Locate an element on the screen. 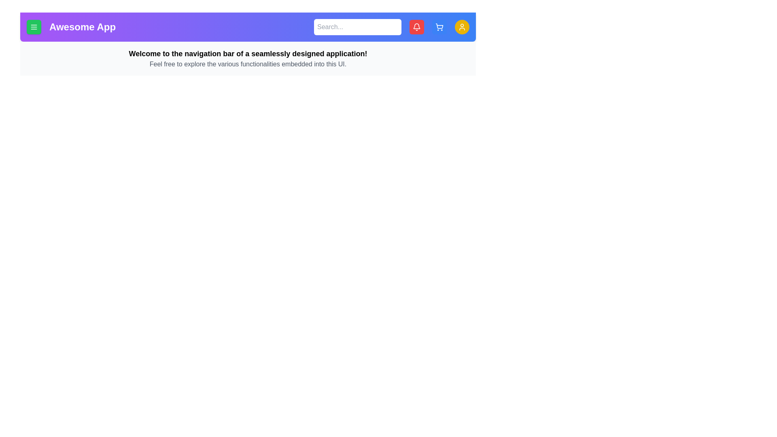  the button with notification to view its hover effect is located at coordinates (417, 26).